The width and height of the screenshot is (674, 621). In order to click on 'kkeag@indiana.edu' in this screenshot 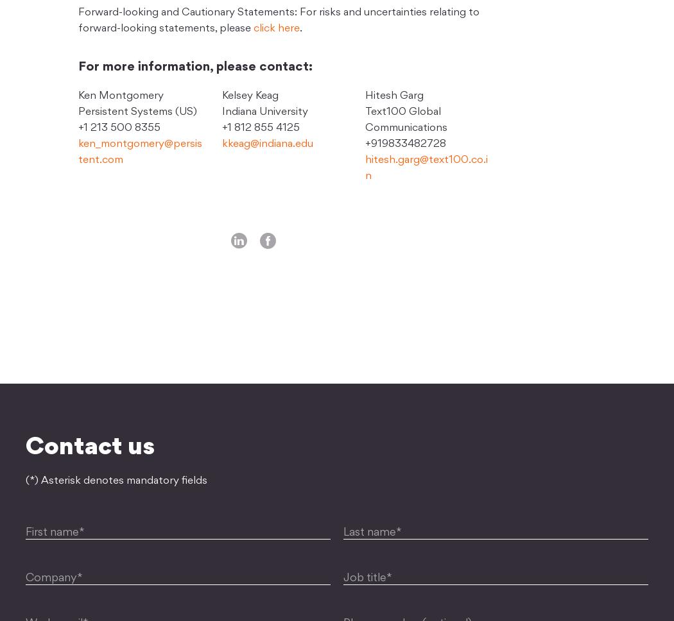, I will do `click(266, 143)`.